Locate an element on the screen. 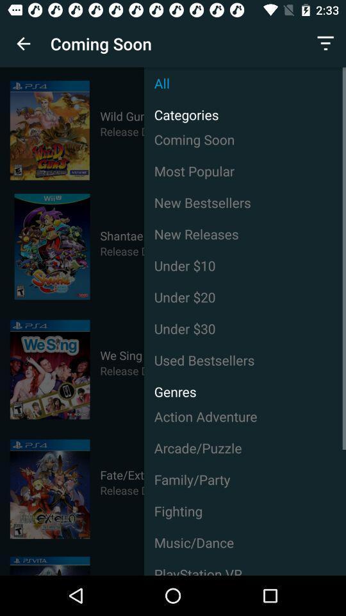 The width and height of the screenshot is (346, 616). icon below under $30 item is located at coordinates (245, 360).